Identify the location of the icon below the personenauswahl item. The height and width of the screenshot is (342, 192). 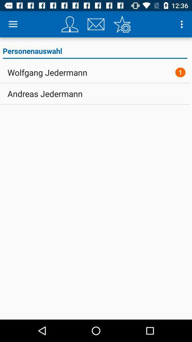
(180, 72).